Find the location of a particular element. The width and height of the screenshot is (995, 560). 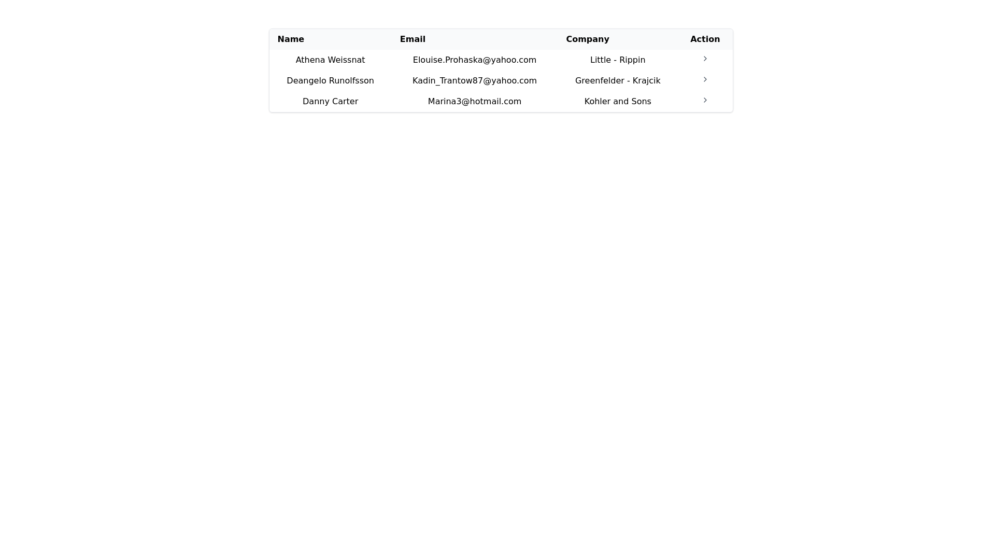

the right-facing chevron icon button located in the 'Action' column next to the company name 'Greenfelder - Krajcik' is located at coordinates (705, 79).